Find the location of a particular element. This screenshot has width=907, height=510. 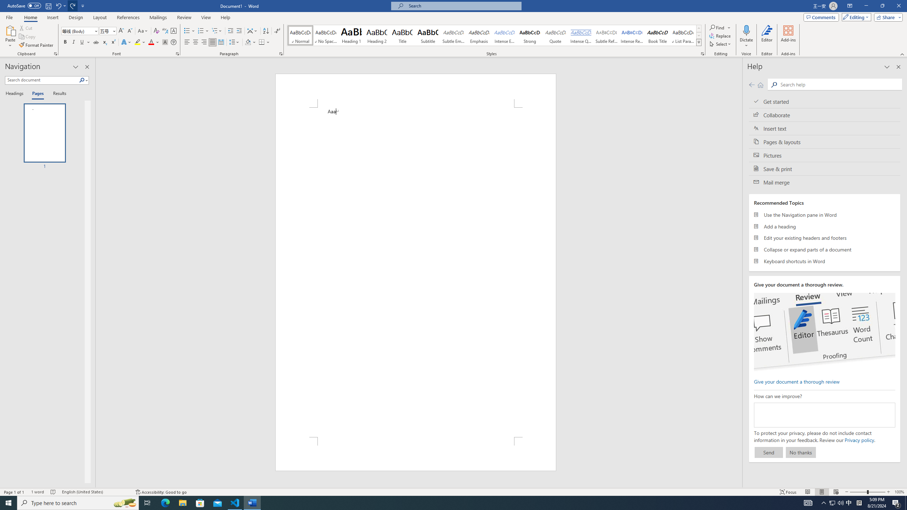

'Insert' is located at coordinates (52, 17).